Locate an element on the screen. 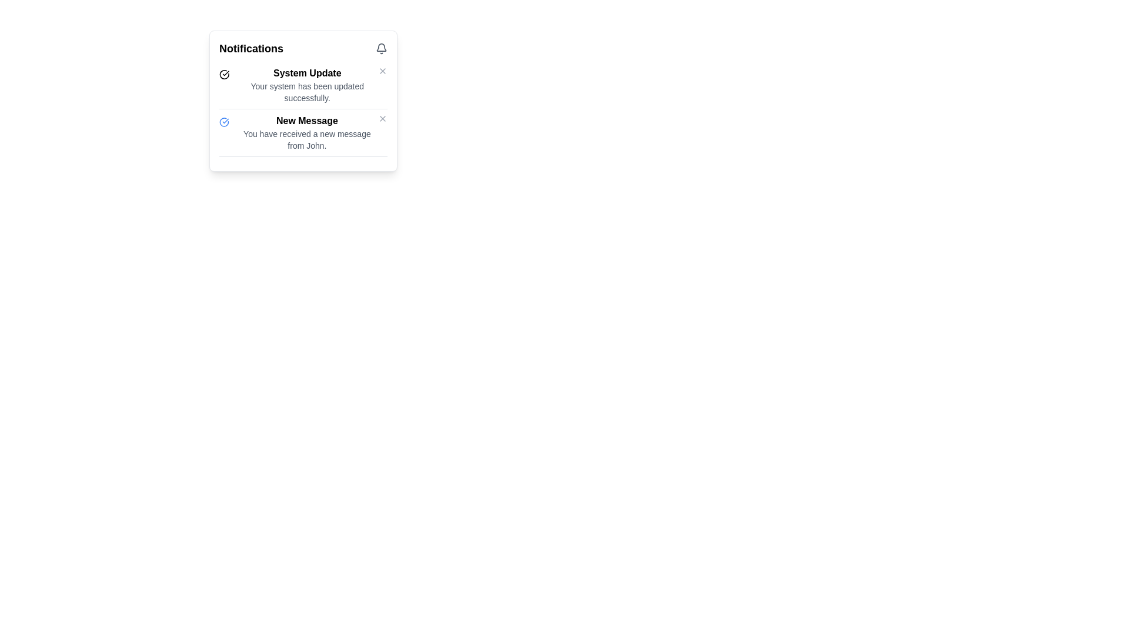 This screenshot has width=1129, height=635. the notification entry about a received message, which is the second item in the notification panel below 'System Update' is located at coordinates (307, 132).